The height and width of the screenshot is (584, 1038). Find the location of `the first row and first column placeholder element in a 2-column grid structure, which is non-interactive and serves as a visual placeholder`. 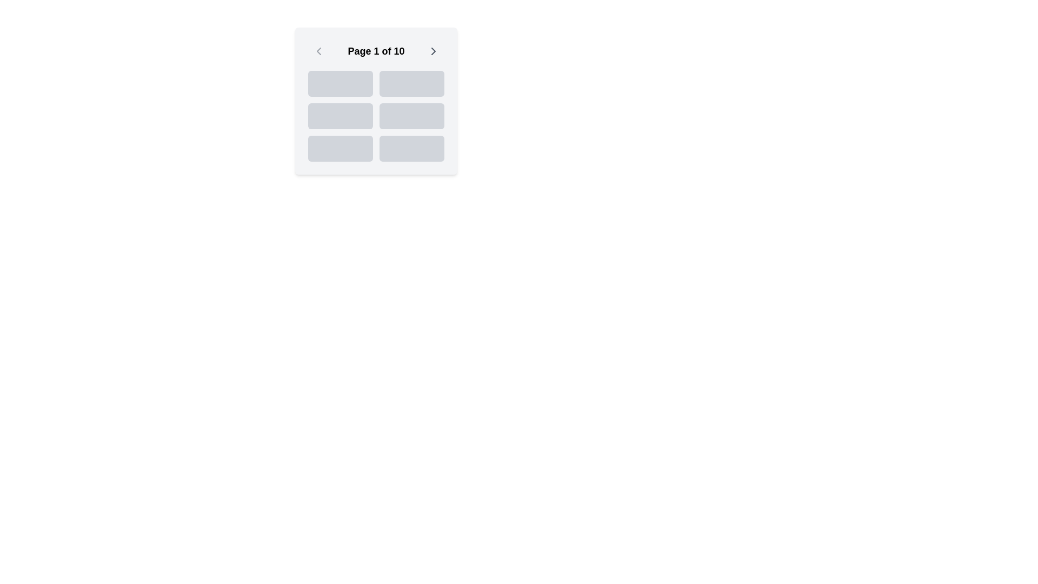

the first row and first column placeholder element in a 2-column grid structure, which is non-interactive and serves as a visual placeholder is located at coordinates (340, 83).